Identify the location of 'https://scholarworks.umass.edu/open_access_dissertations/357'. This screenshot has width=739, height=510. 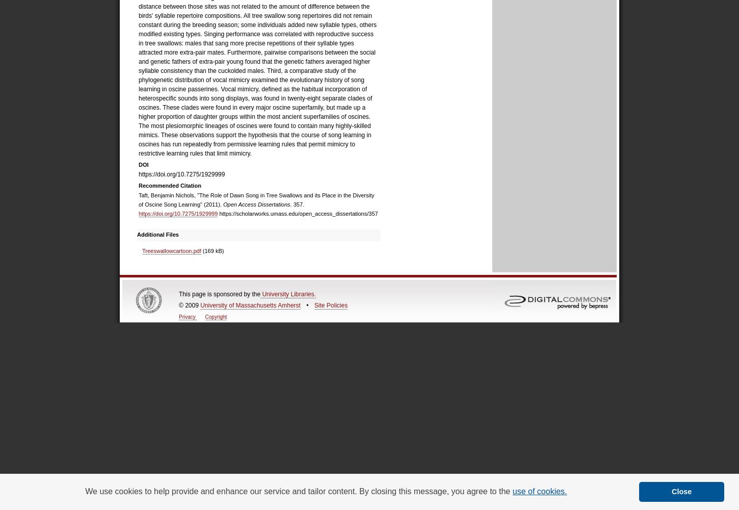
(298, 214).